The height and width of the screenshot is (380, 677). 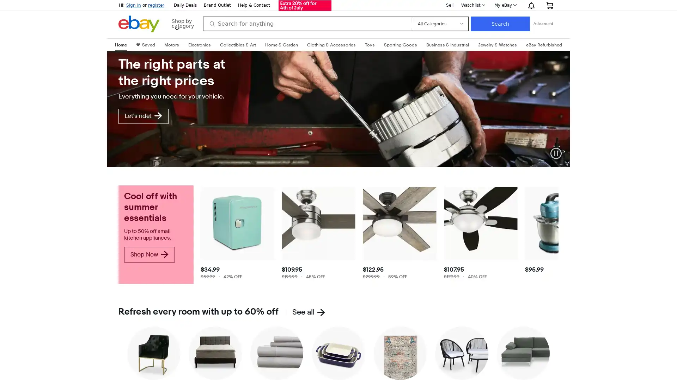 I want to click on Search, so click(x=499, y=24).